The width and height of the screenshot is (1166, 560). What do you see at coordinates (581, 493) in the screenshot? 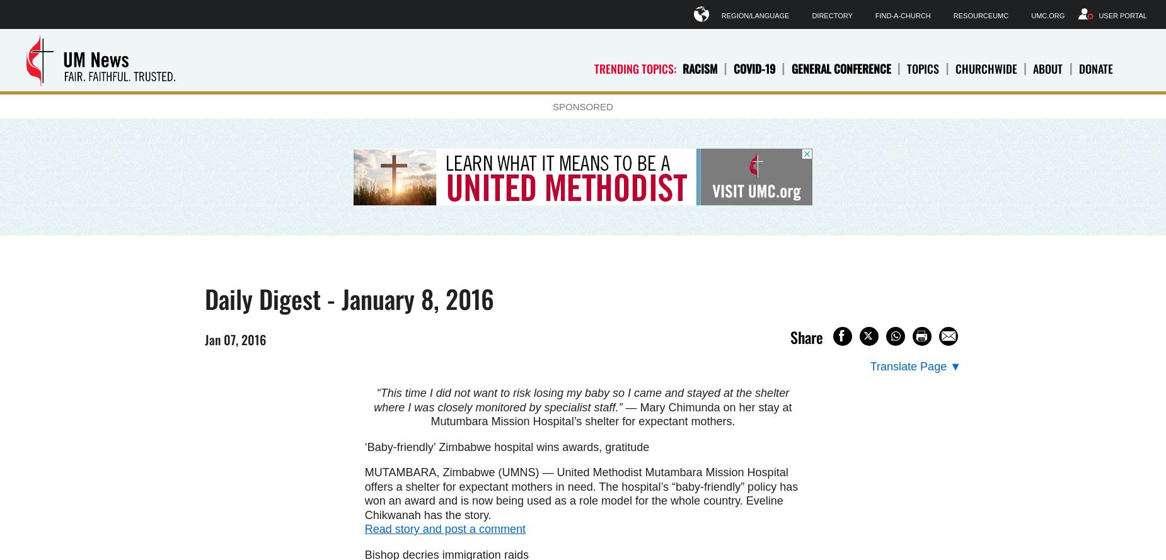
I see `'MUTAMBARA, Zimbabwe (UMNS) — United Methodist Mutambara Mission Hospital offers a shelter for expectant mothers in need. The hospital’s “baby-friendly” policy has won an award and is now being used as a role model for the whole country. Eveline Chikwanah has the story.'` at bounding box center [581, 493].